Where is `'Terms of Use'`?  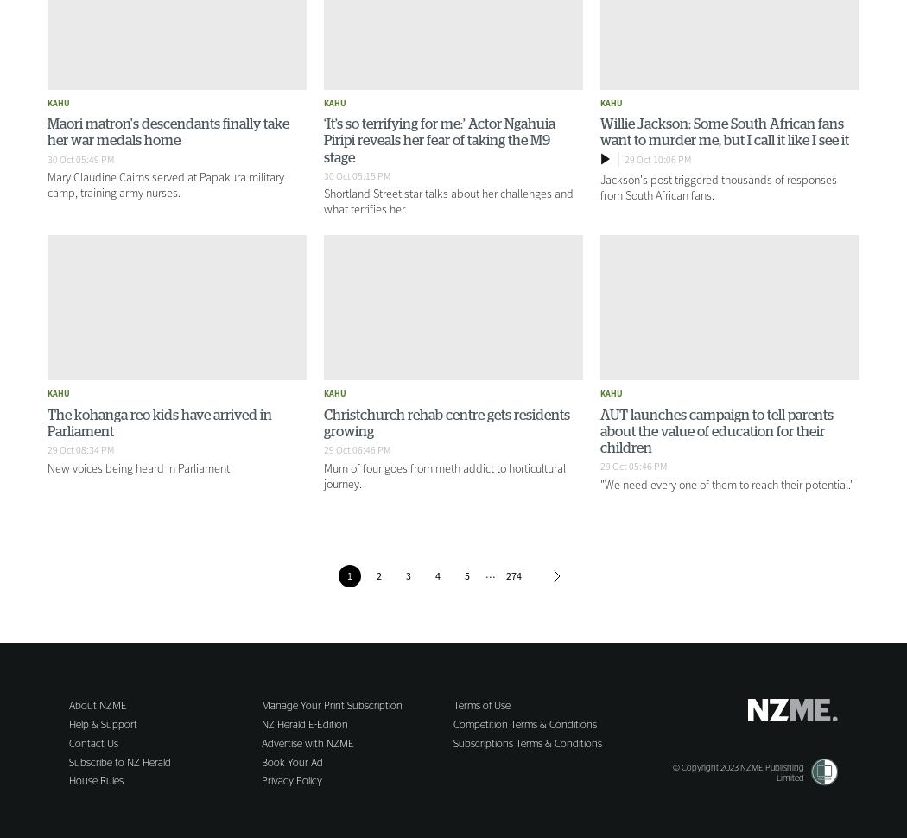
'Terms of Use' is located at coordinates (481, 706).